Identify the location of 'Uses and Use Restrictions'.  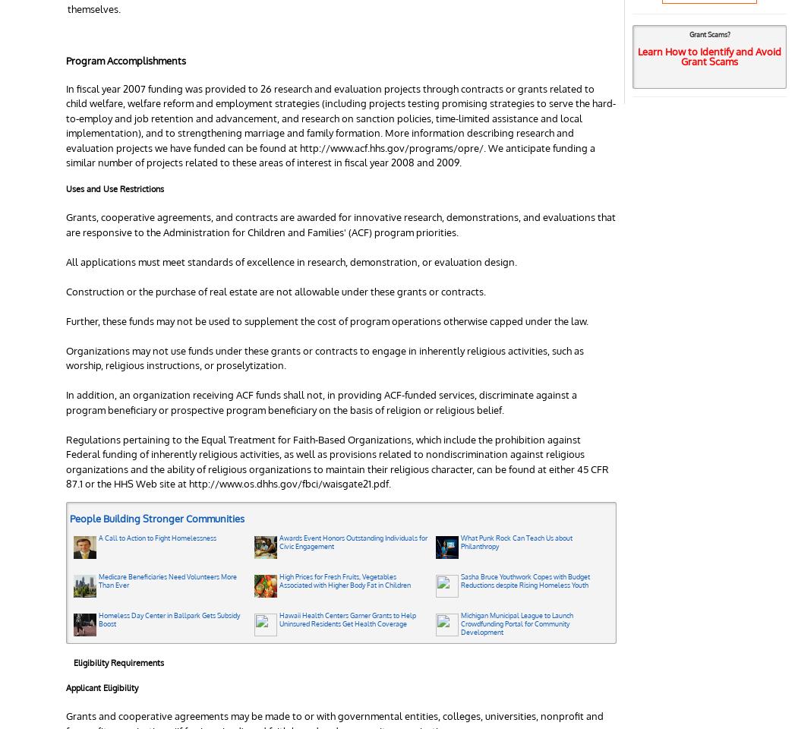
(115, 188).